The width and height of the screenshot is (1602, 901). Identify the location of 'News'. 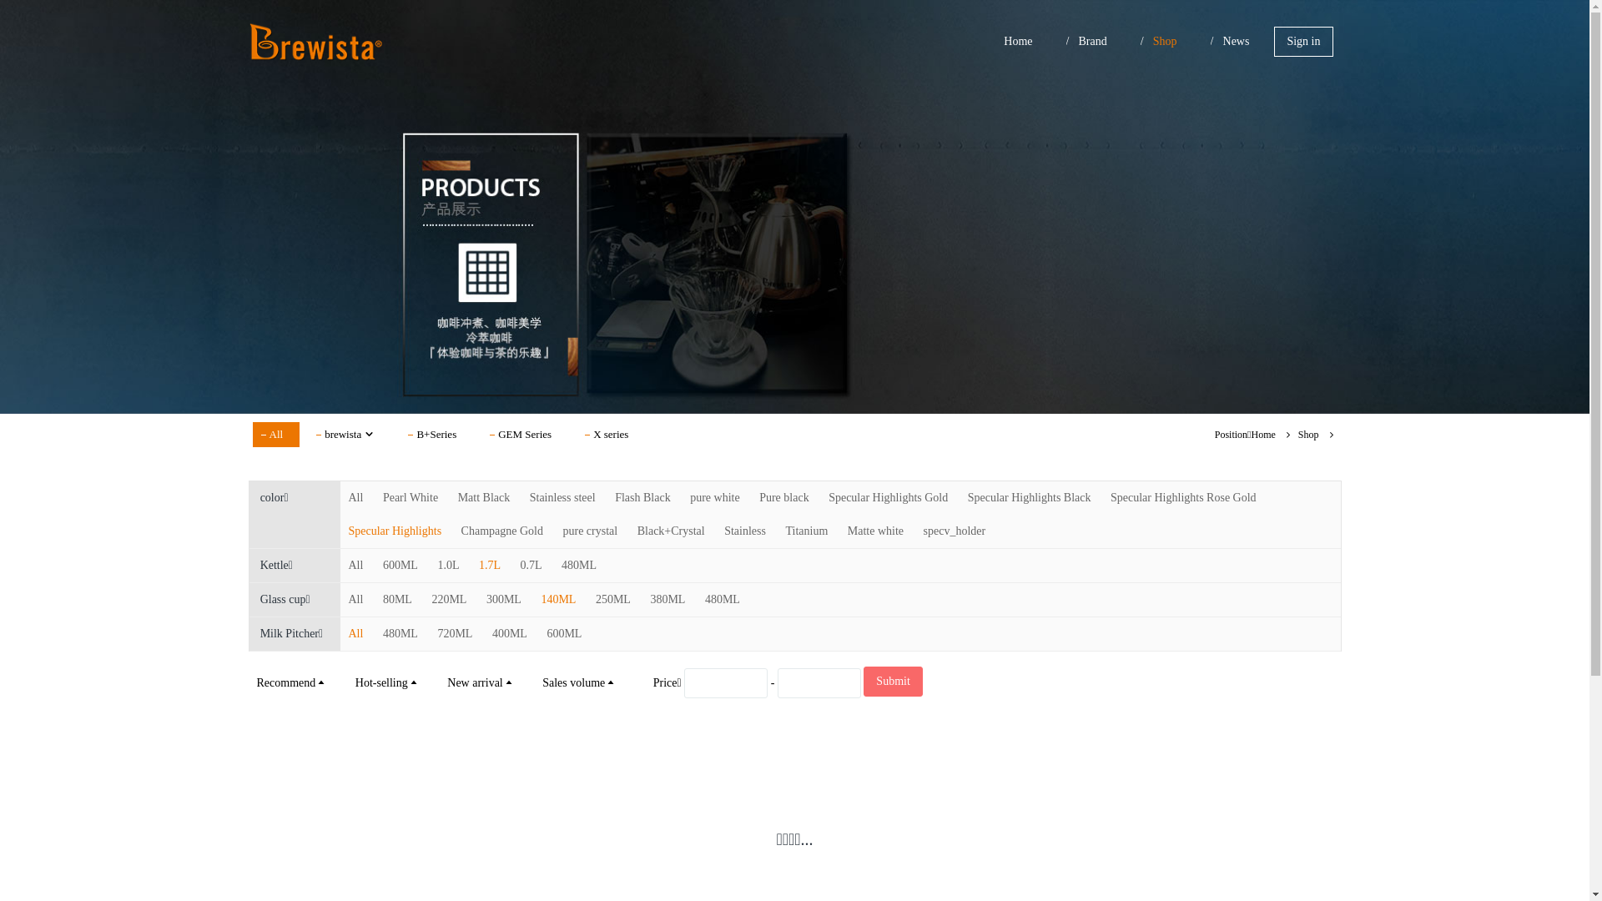
(1237, 41).